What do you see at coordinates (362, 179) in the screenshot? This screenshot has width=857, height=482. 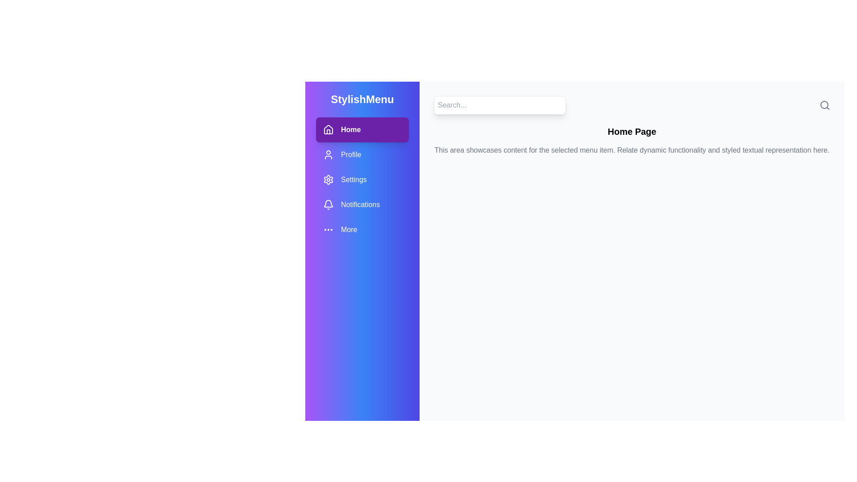 I see `the menu item Settings` at bounding box center [362, 179].